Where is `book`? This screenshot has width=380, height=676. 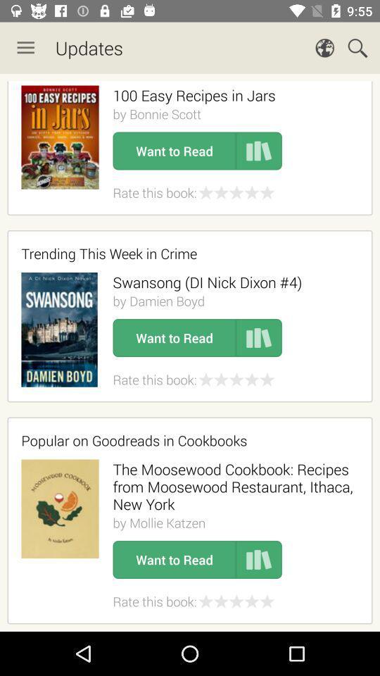 book is located at coordinates (258, 338).